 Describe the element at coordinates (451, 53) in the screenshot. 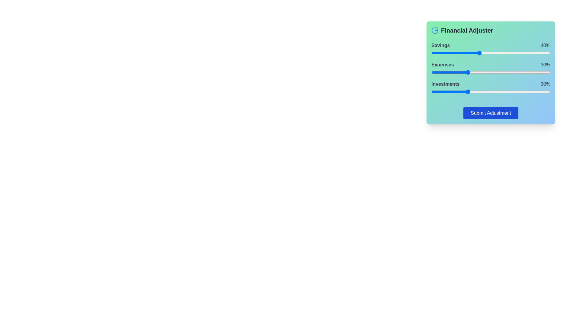

I see `the savings slider to set the percentage to 17` at that location.